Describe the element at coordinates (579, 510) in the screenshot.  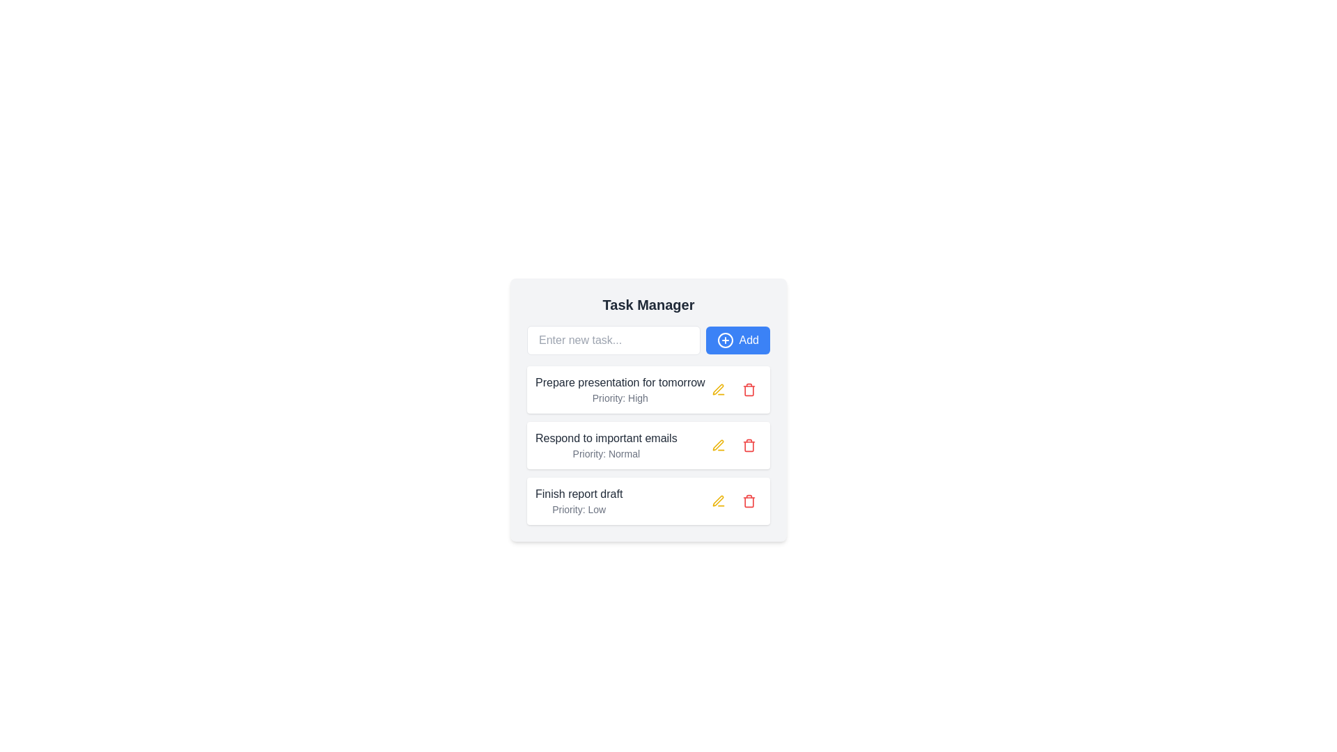
I see `text label displaying 'Priority: Low' located beneath the task title 'Finish report draft' in the task list to obtain priority information` at that location.